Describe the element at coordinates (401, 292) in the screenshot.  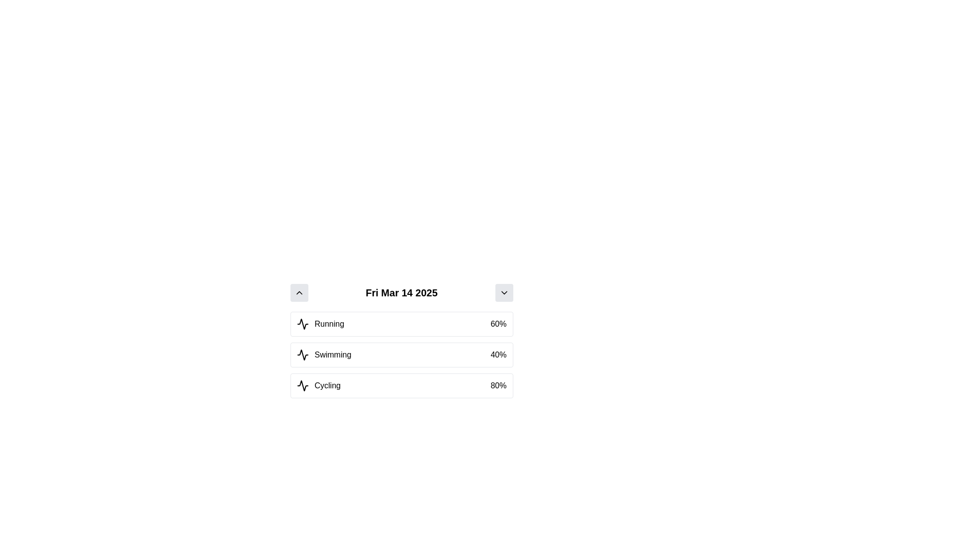
I see `text displayed in the rectangular section showing 'Fri Mar 14 2025', located between the upward and downward arrow buttons` at that location.